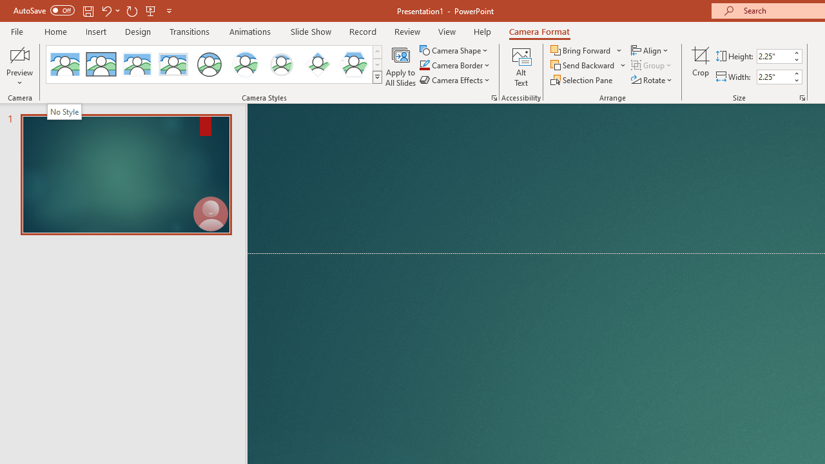  Describe the element at coordinates (583, 65) in the screenshot. I see `'Send Backward'` at that location.